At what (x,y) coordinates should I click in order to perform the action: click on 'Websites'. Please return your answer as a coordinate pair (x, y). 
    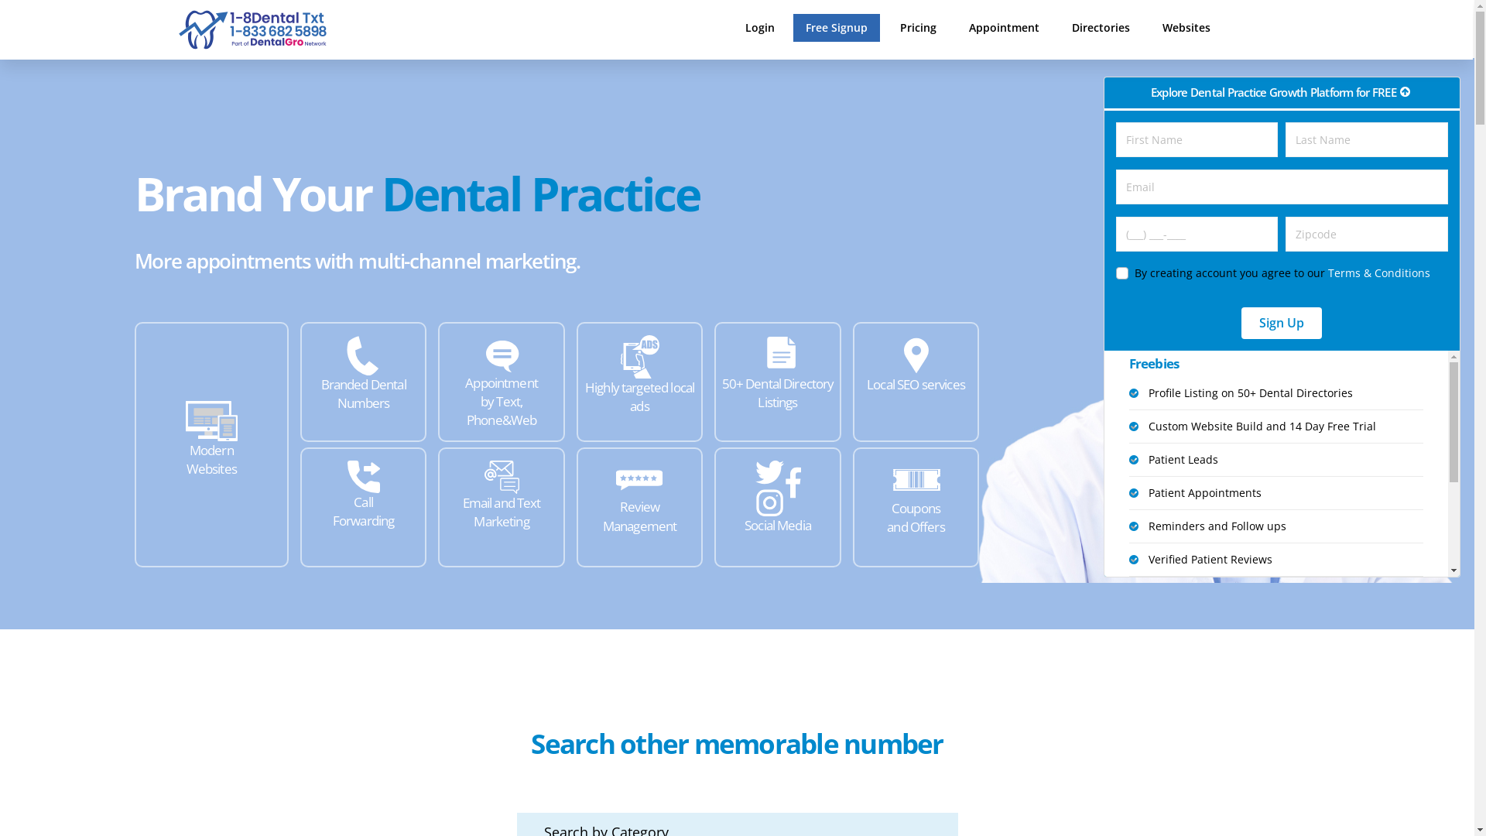
    Looking at the image, I should click on (1150, 27).